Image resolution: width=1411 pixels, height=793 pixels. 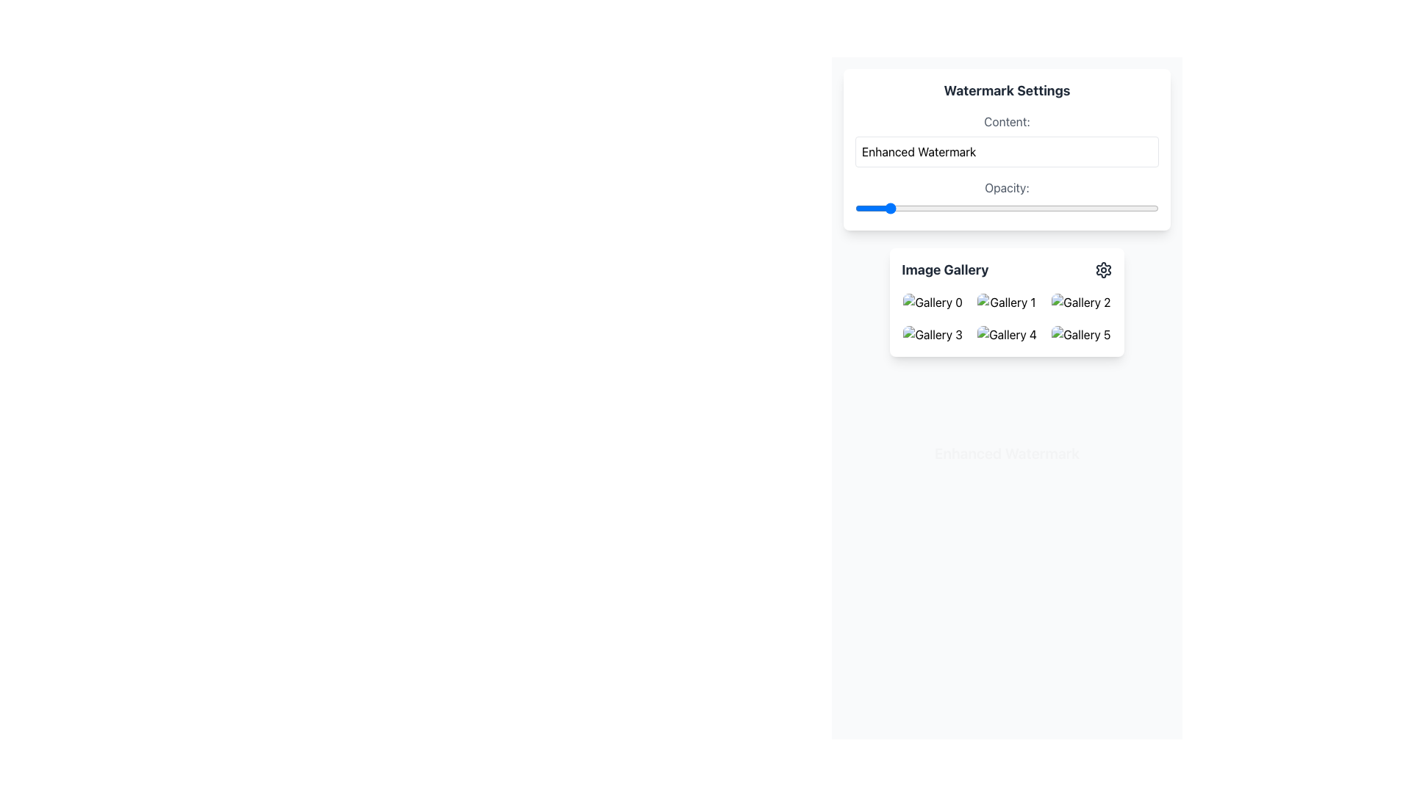 I want to click on to select the image thumbnail labeled in the image gallery, which is the third item in the top row of the 3x2 grid, so click(x=1080, y=302).